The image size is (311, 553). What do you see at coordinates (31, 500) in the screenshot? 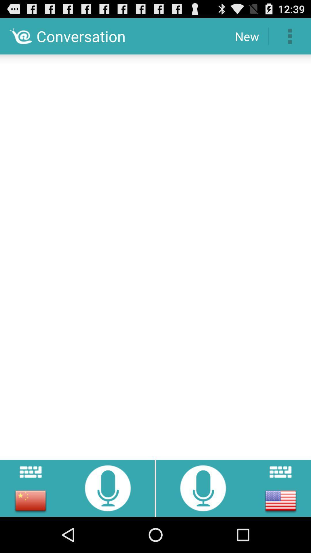
I see `switch to chinese` at bounding box center [31, 500].